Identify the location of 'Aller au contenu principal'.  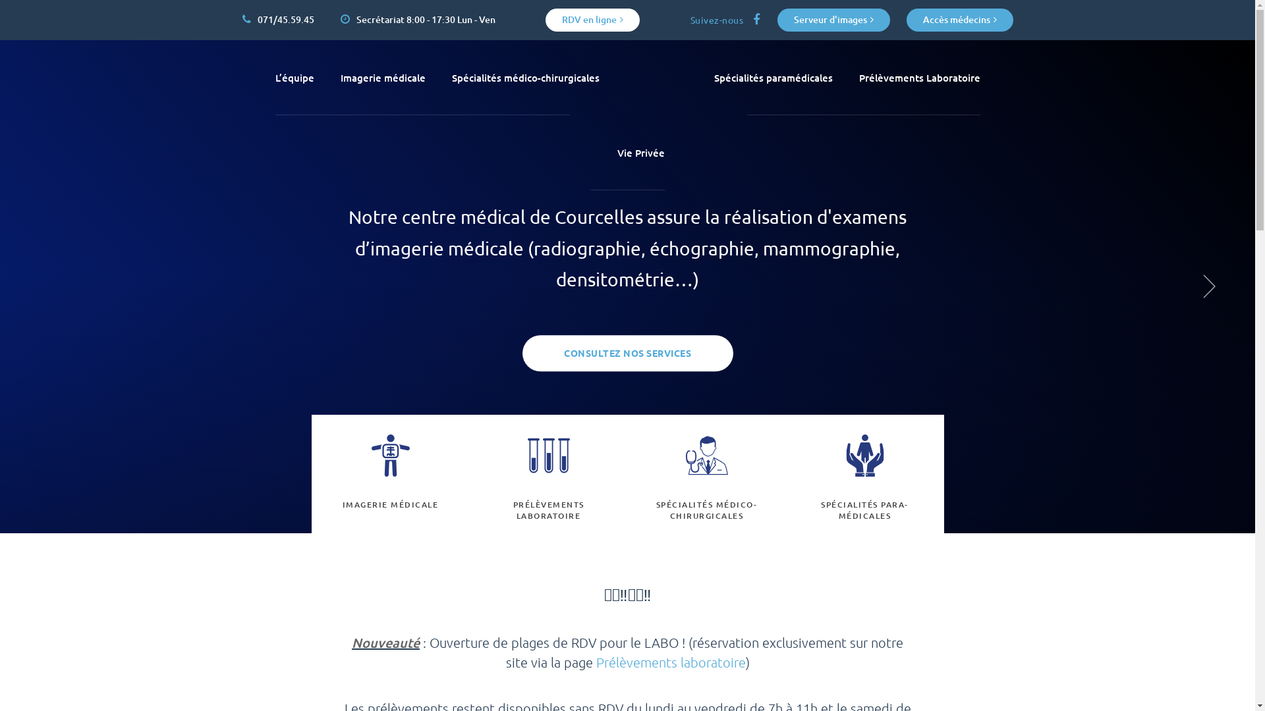
(59, 39).